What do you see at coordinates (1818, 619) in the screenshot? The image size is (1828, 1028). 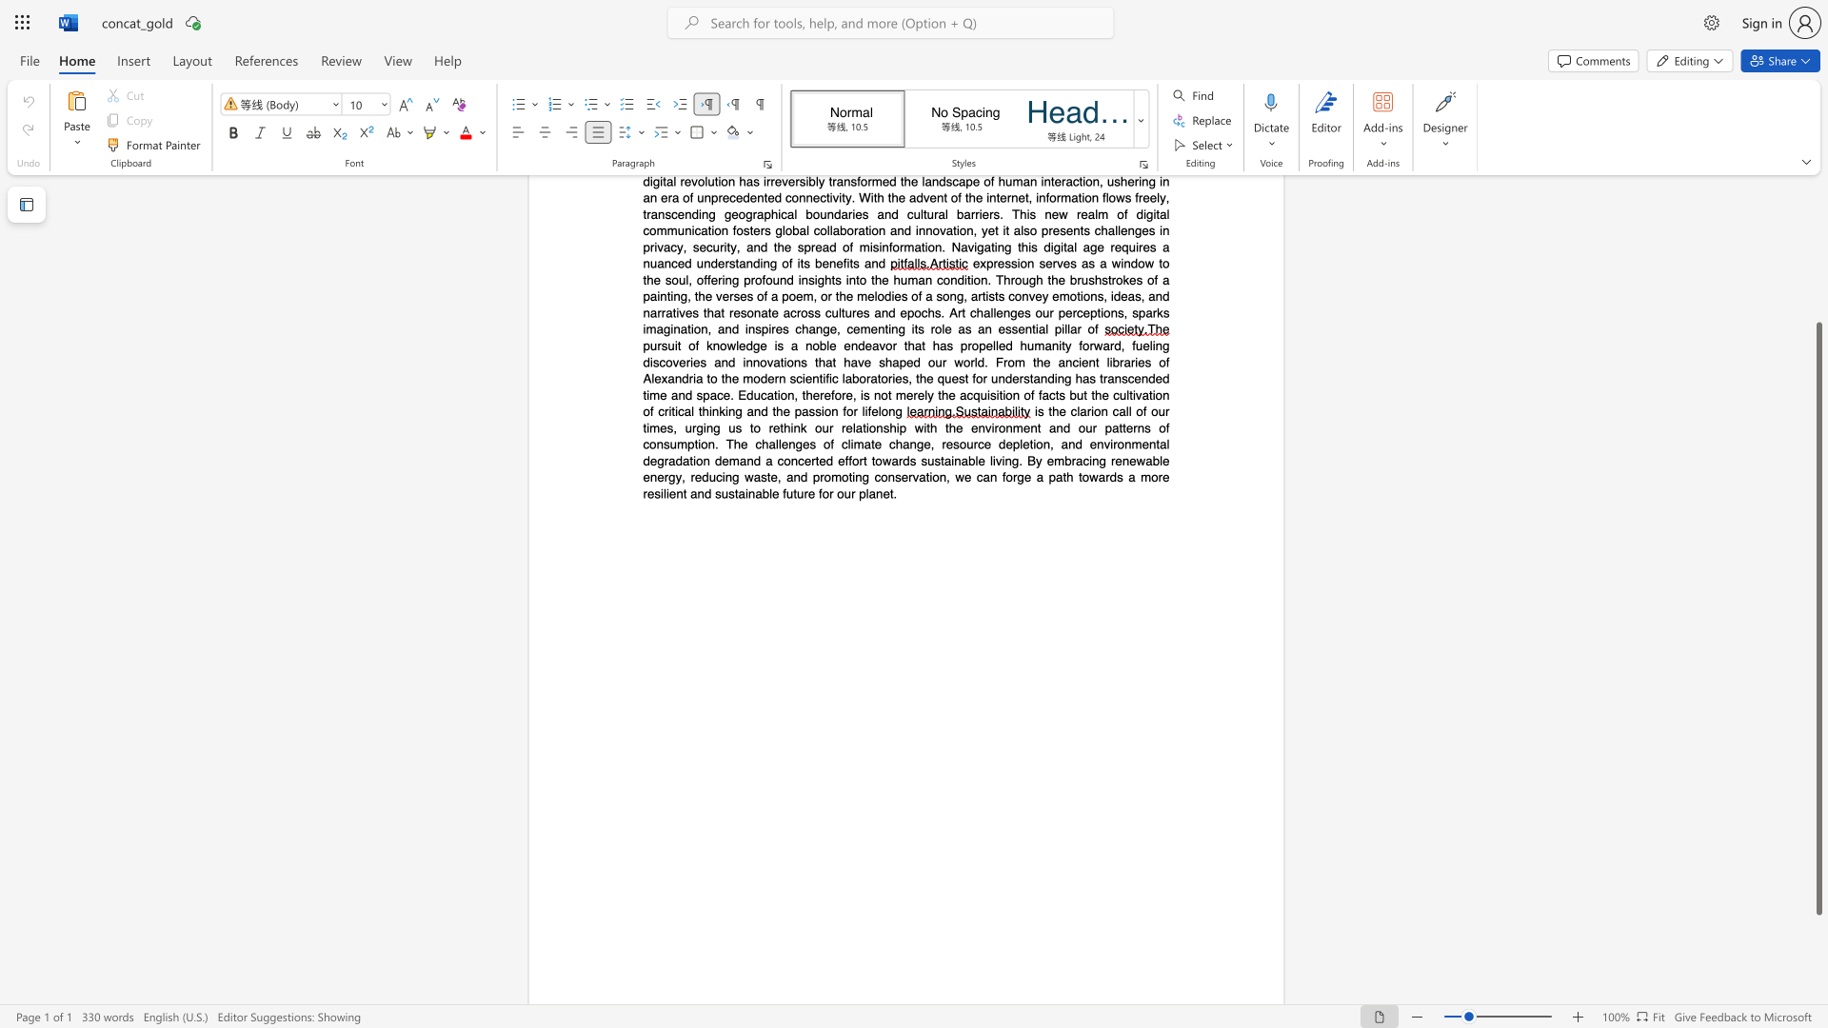 I see `the scrollbar and move down 90 pixels` at bounding box center [1818, 619].